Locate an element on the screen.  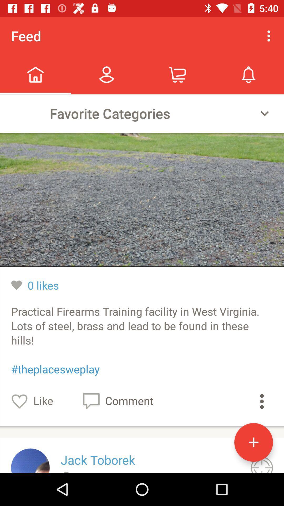
the add icon is located at coordinates (253, 442).